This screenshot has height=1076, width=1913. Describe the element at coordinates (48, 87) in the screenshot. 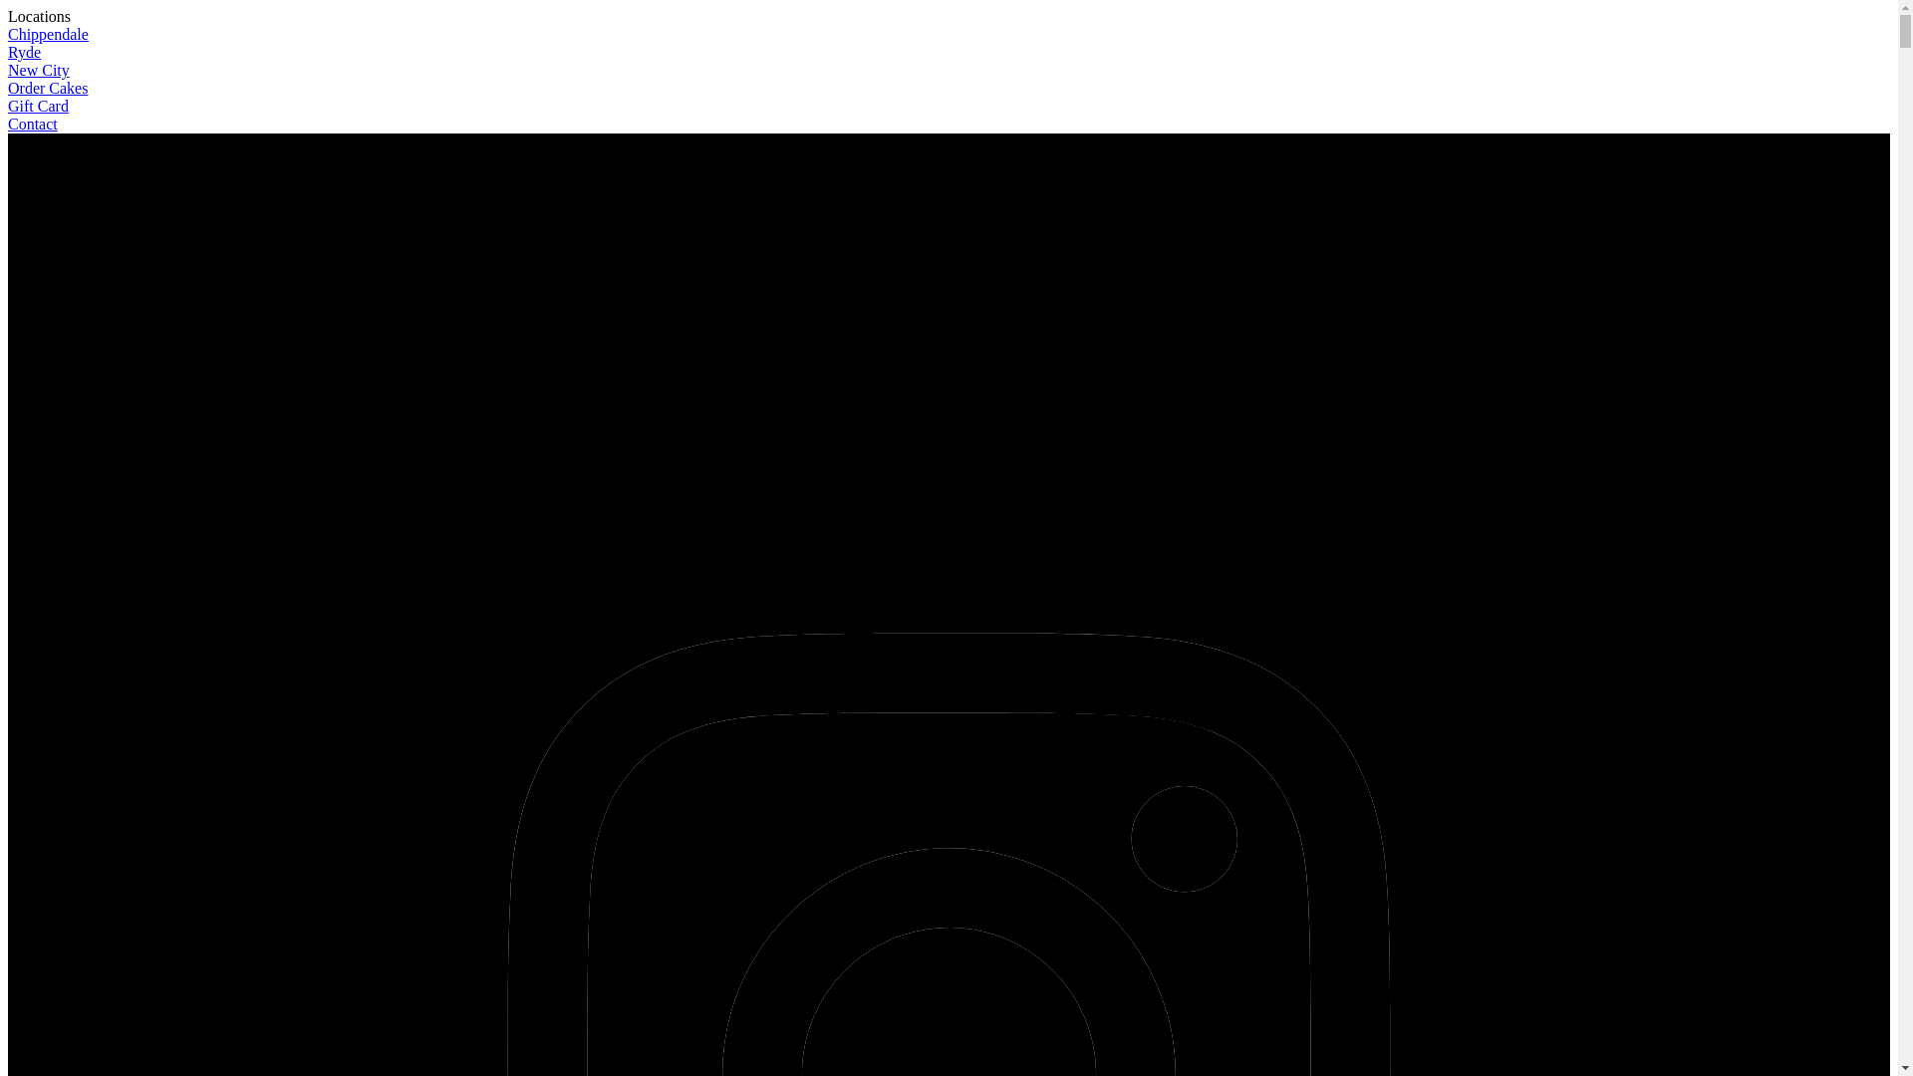

I see `'Order Cakes'` at that location.